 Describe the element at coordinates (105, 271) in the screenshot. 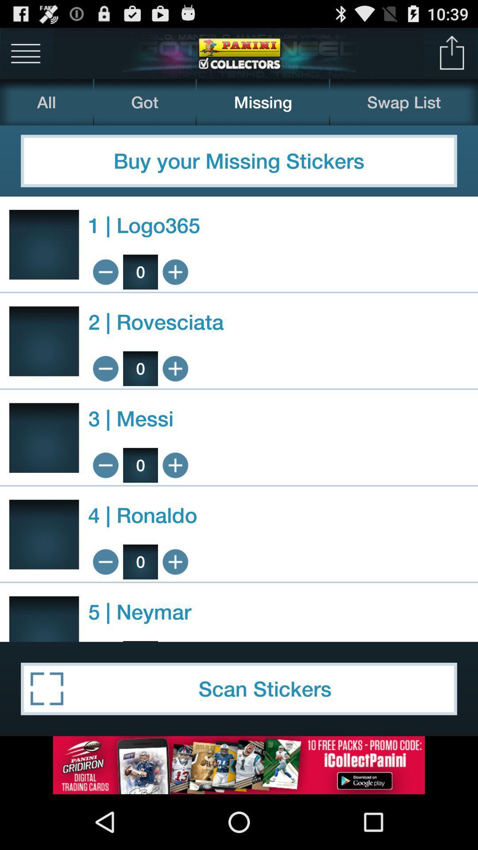

I see `zoom` at that location.